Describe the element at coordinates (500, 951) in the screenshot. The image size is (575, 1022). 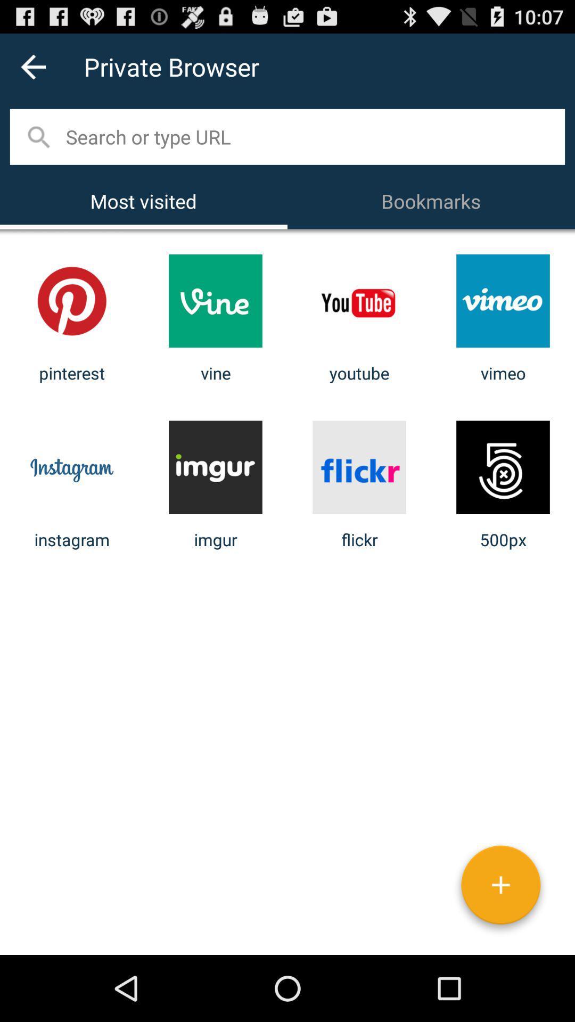
I see `the add icon` at that location.